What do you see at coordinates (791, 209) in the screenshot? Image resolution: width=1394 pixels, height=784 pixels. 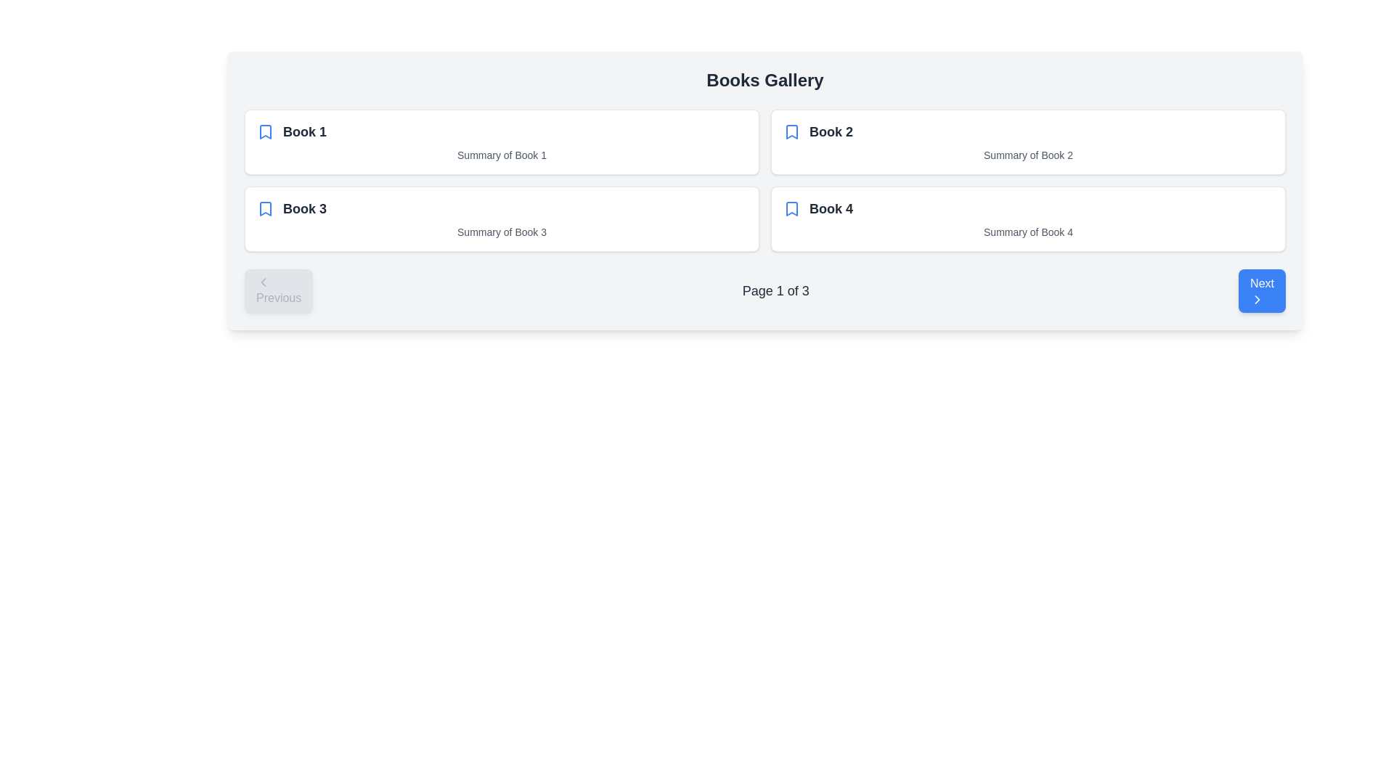 I see `the bookmark icon located to the left of the text label 'Book 4' in the grid layout of book items` at bounding box center [791, 209].